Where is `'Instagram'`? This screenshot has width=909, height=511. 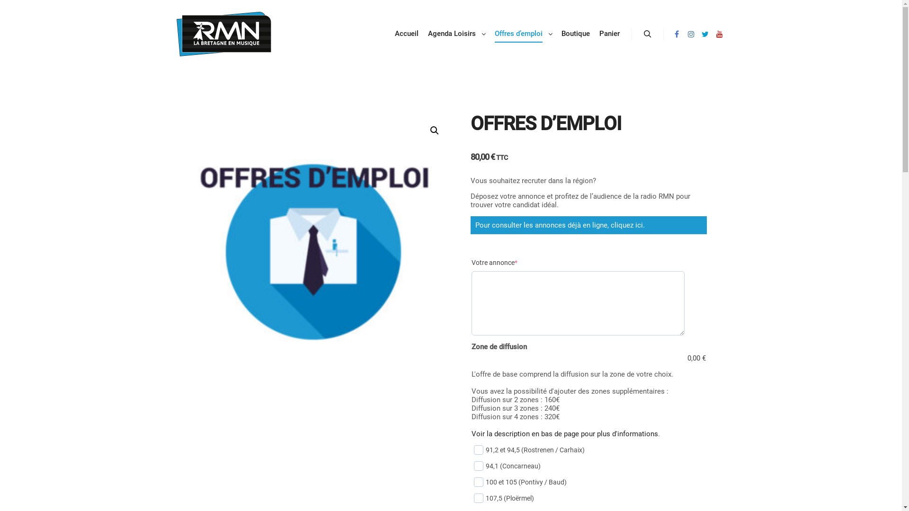 'Instagram' is located at coordinates (691, 34).